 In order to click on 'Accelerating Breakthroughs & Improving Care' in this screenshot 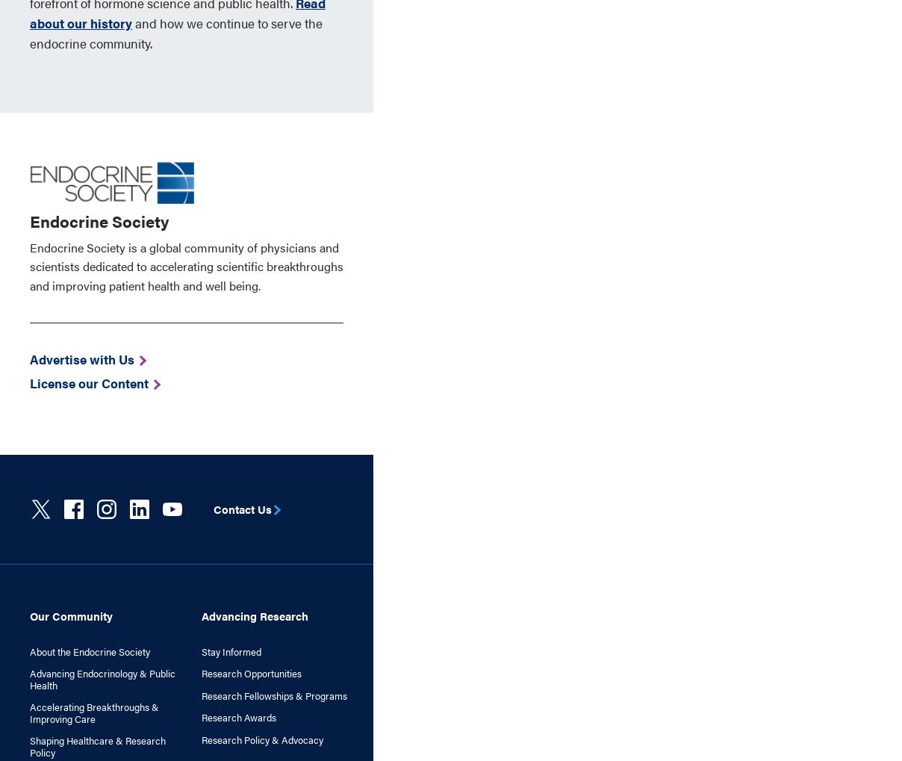, I will do `click(93, 711)`.